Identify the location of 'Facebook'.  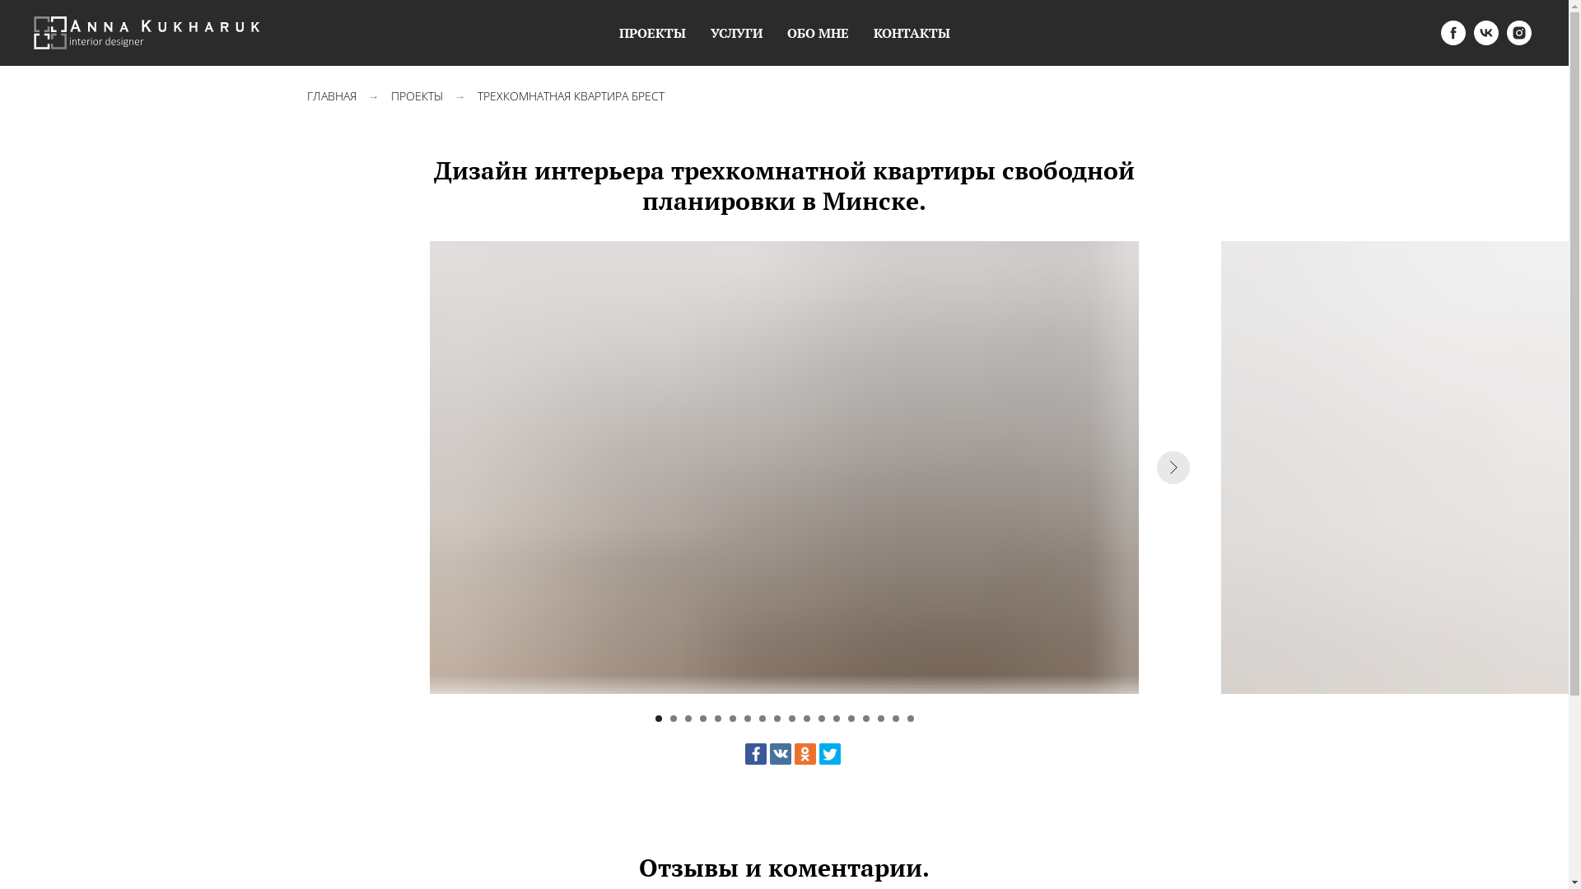
(743, 753).